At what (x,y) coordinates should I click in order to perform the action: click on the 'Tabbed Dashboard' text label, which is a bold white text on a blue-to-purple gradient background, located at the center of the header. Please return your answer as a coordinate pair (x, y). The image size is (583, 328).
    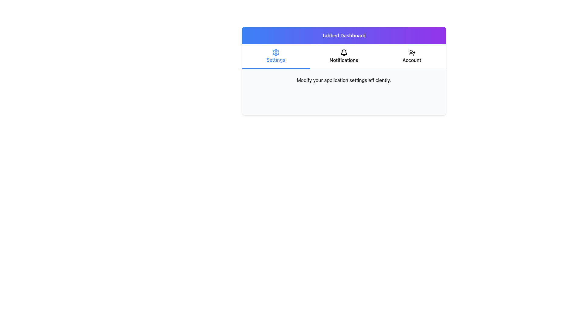
    Looking at the image, I should click on (344, 35).